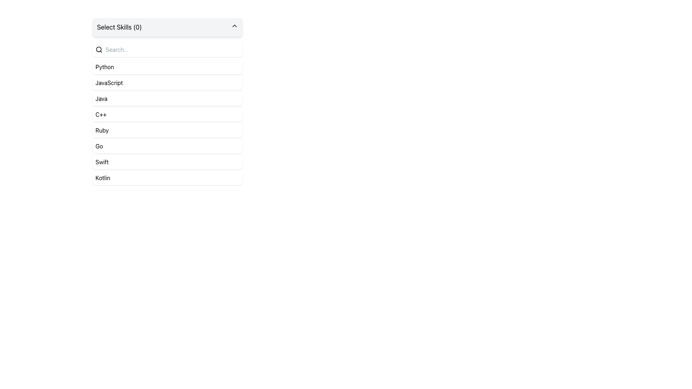 This screenshot has width=692, height=389. Describe the element at coordinates (167, 114) in the screenshot. I see `the fourth List Item labeled 'C++'` at that location.